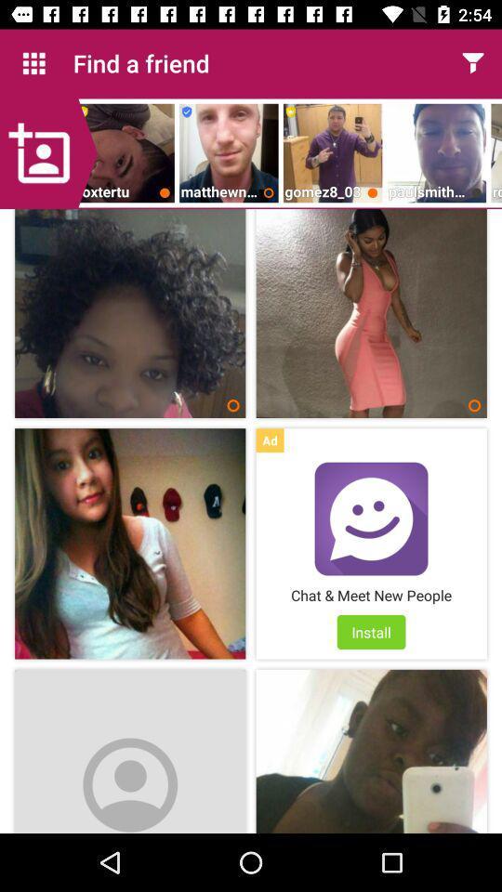  Describe the element at coordinates (371, 518) in the screenshot. I see `open advertisement` at that location.